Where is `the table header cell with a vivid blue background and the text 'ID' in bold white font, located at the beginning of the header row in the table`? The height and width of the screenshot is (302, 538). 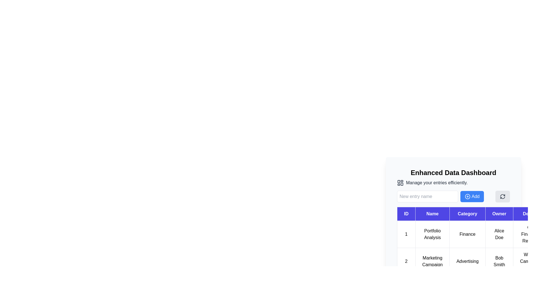 the table header cell with a vivid blue background and the text 'ID' in bold white font, located at the beginning of the header row in the table is located at coordinates (406, 214).